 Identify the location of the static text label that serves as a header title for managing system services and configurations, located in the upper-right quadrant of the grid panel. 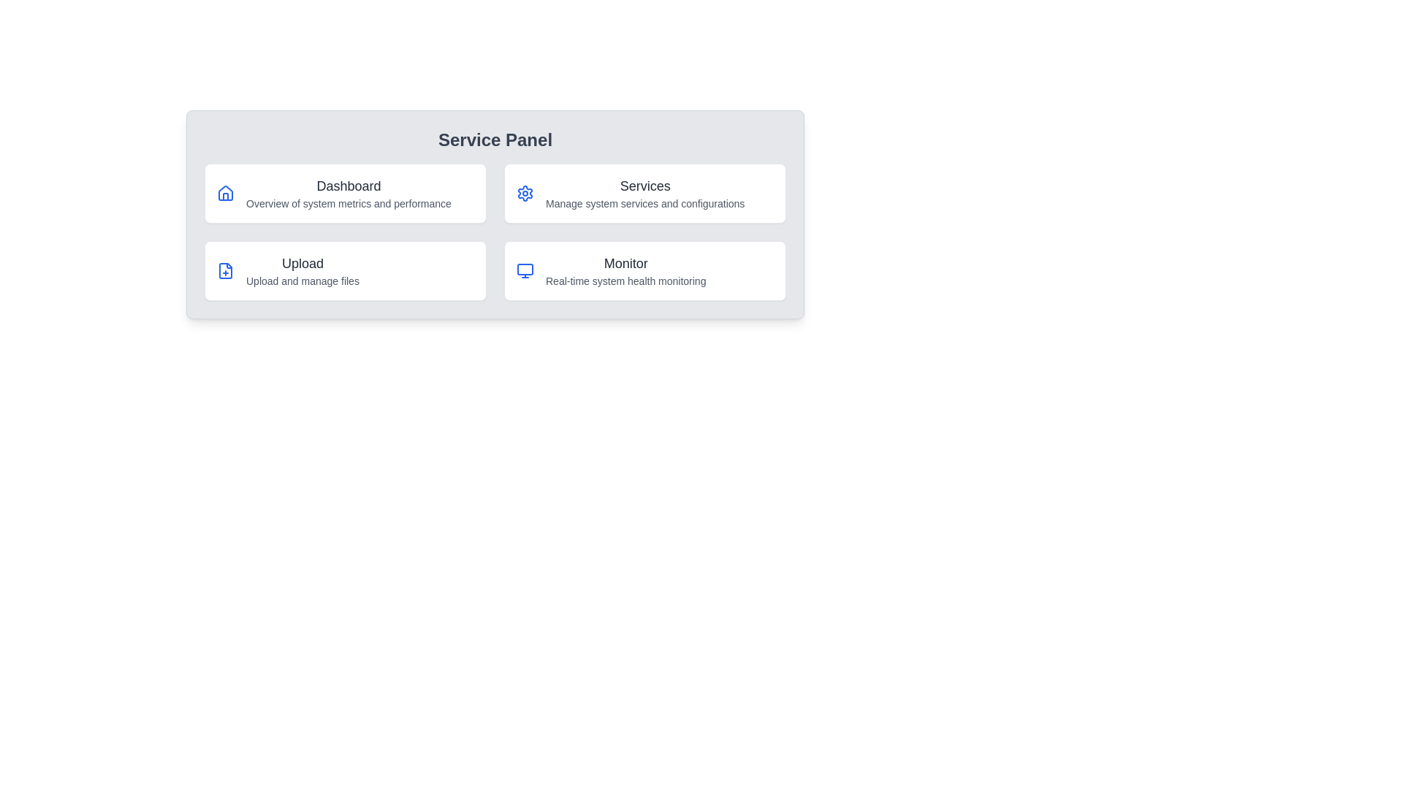
(645, 185).